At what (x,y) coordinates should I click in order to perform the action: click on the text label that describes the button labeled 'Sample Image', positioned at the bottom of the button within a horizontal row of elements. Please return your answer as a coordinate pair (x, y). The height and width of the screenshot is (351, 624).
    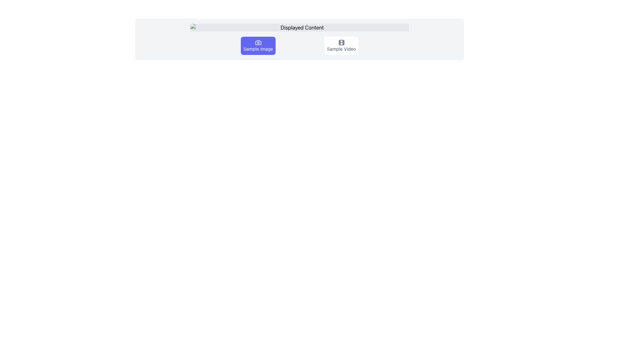
    Looking at the image, I should click on (258, 48).